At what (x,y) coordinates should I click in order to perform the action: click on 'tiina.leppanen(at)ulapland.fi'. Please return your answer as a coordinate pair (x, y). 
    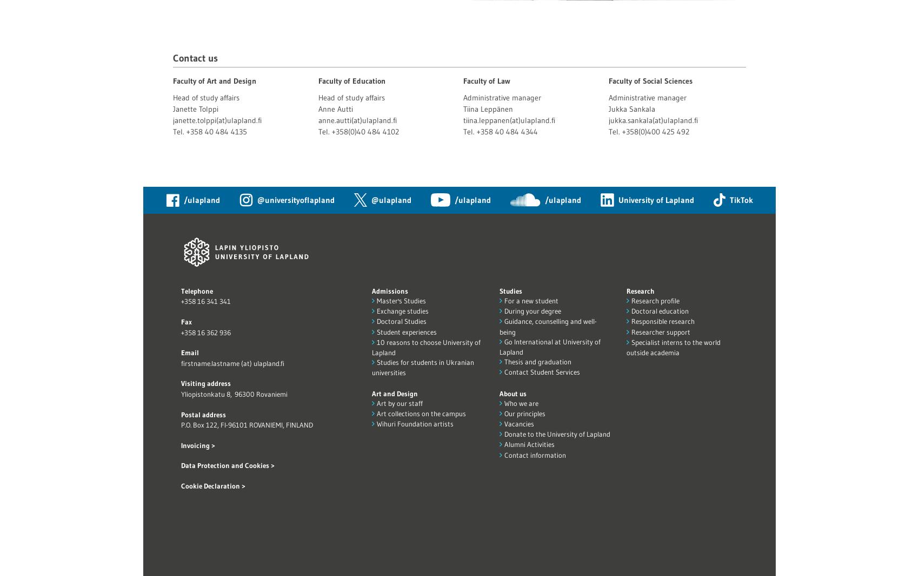
    Looking at the image, I should click on (463, 120).